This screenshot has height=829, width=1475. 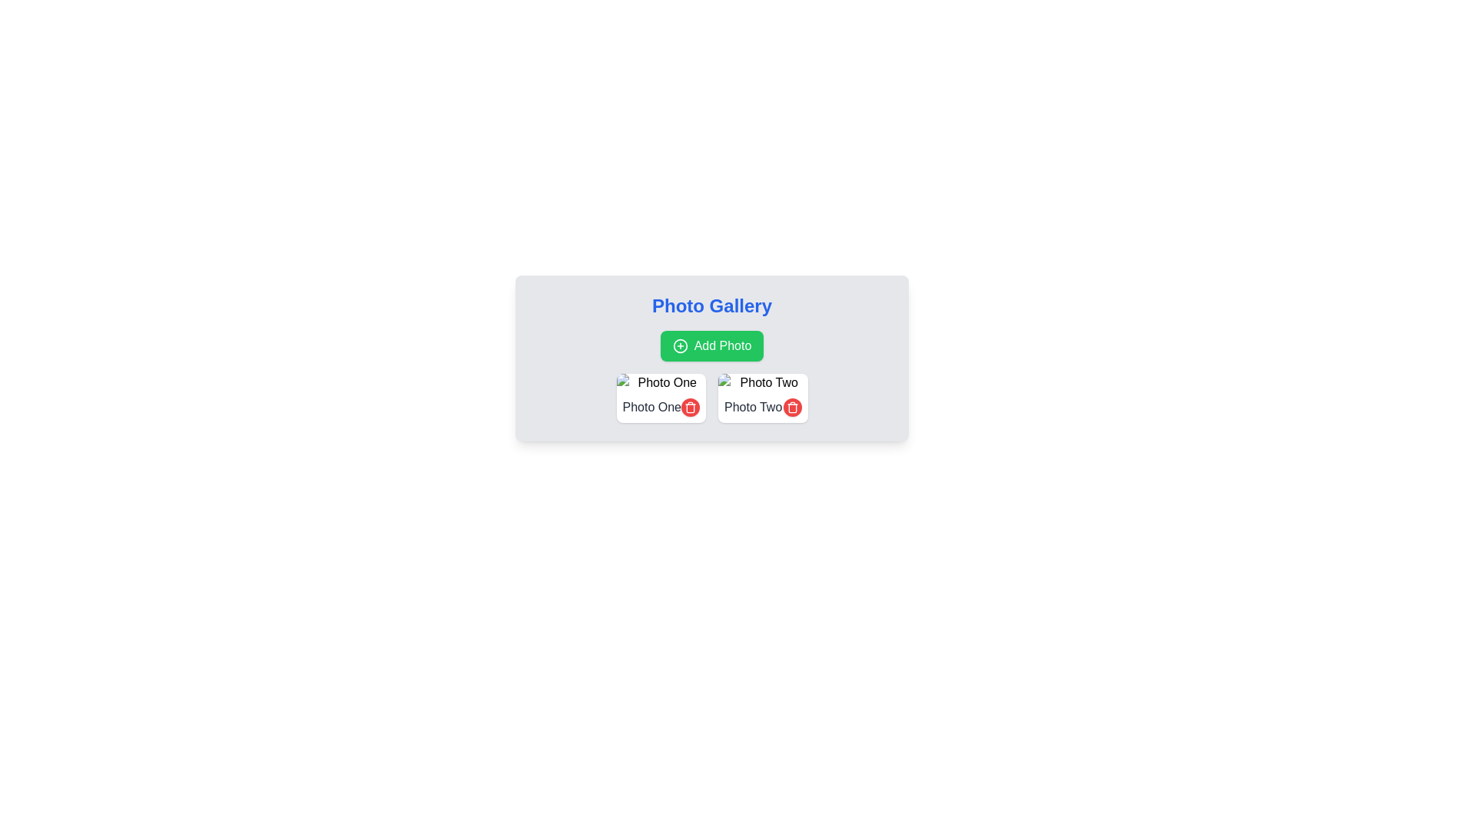 What do you see at coordinates (679, 346) in the screenshot?
I see `the 'Add Photo' button which contains a white SVG icon of a plus sign within a circle, located centrally below the 'Photo Gallery' heading` at bounding box center [679, 346].